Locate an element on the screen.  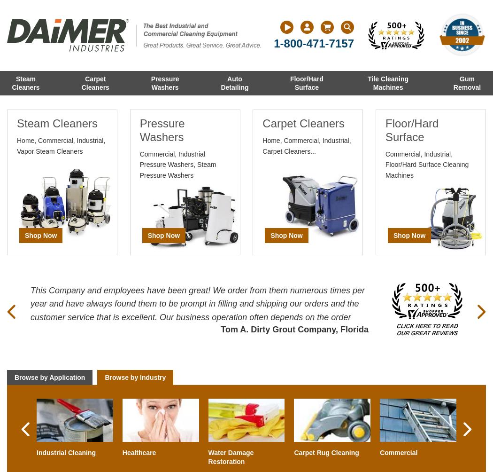
'Commercial' is located at coordinates (399, 452).